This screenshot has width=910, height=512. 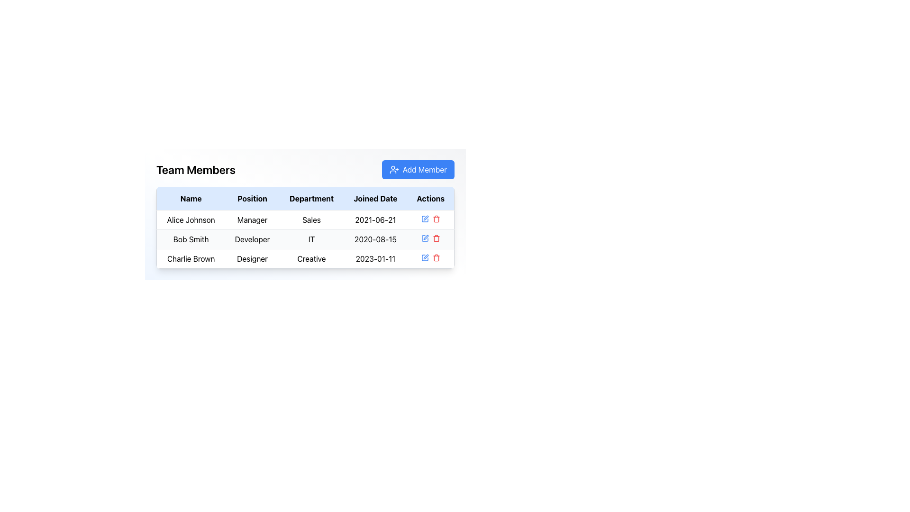 I want to click on the 'Edit' button located in the 'Actions' column of the second row in the 'Team Members' table, so click(x=425, y=218).